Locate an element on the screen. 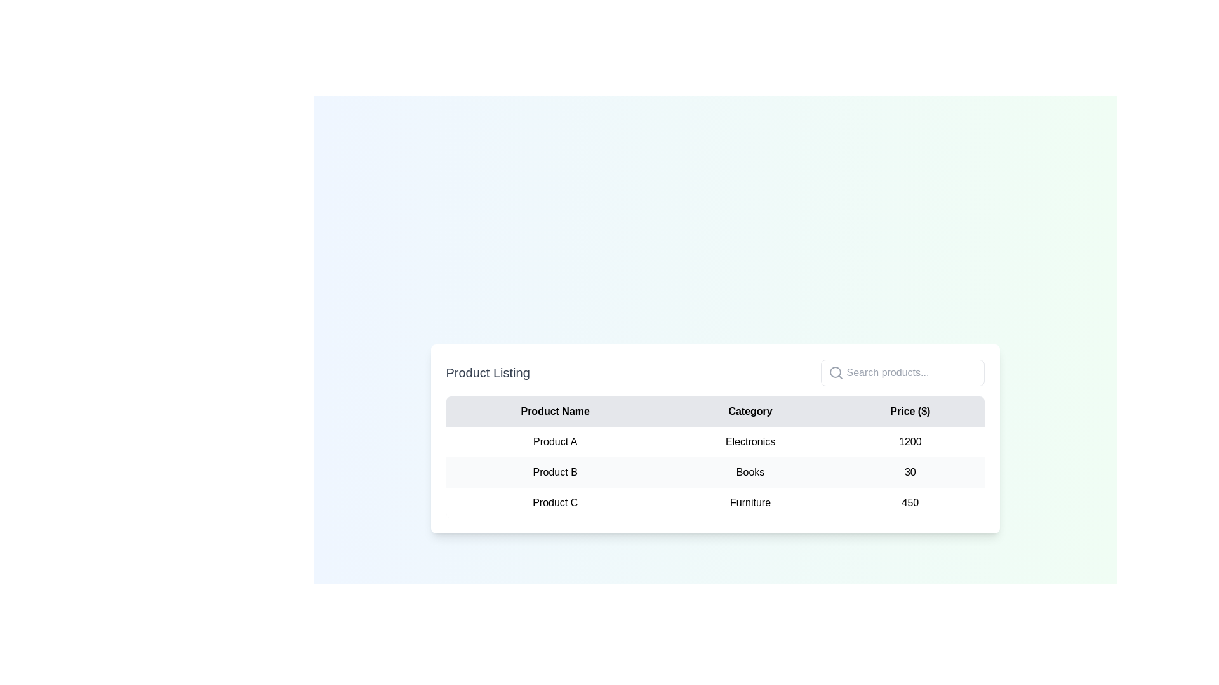  the search input box featuring a magnifying glass icon and placeholder text 'Search products...' to focus on it is located at coordinates (902, 372).